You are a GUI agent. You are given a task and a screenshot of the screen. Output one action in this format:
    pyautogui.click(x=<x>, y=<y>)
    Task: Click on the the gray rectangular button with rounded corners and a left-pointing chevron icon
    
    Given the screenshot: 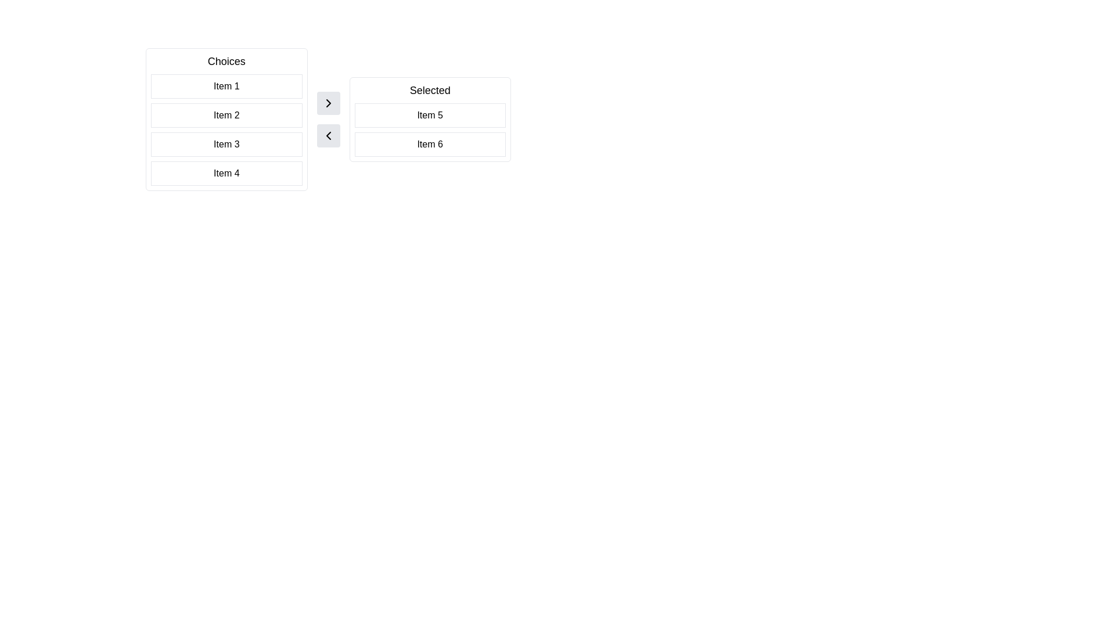 What is the action you would take?
    pyautogui.click(x=328, y=135)
    